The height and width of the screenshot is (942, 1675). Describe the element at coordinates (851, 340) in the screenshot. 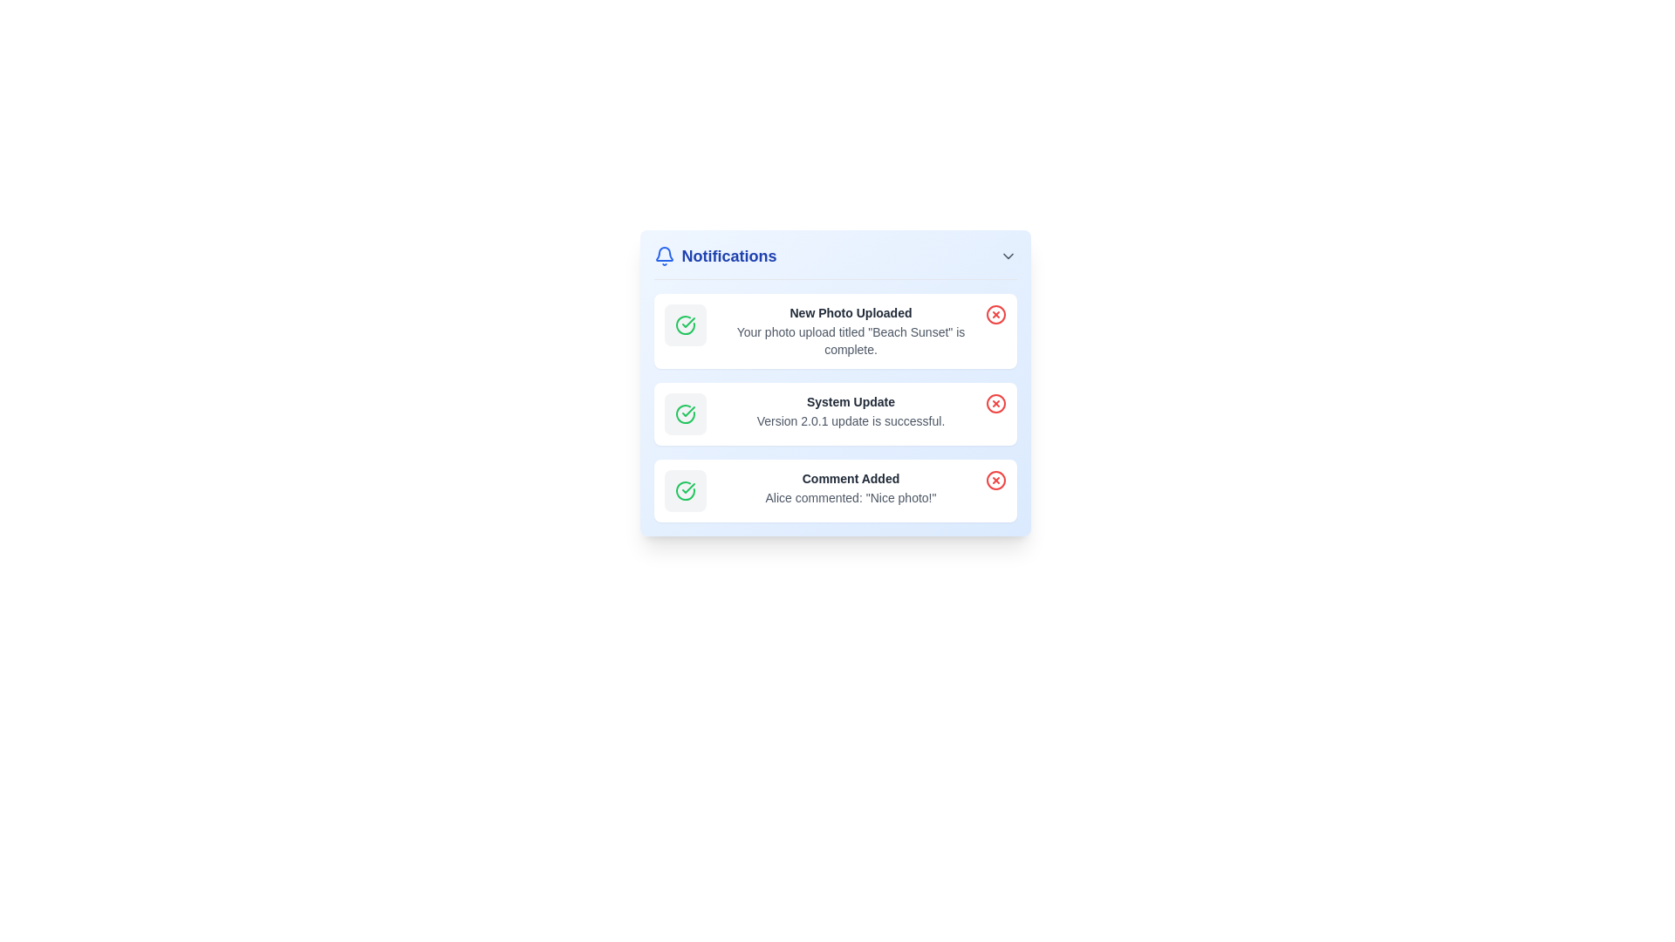

I see `text label providing details about the photo upload notification titled 'Beach Sunset' located under the header 'New Photo Uploaded' in the main notification area` at that location.